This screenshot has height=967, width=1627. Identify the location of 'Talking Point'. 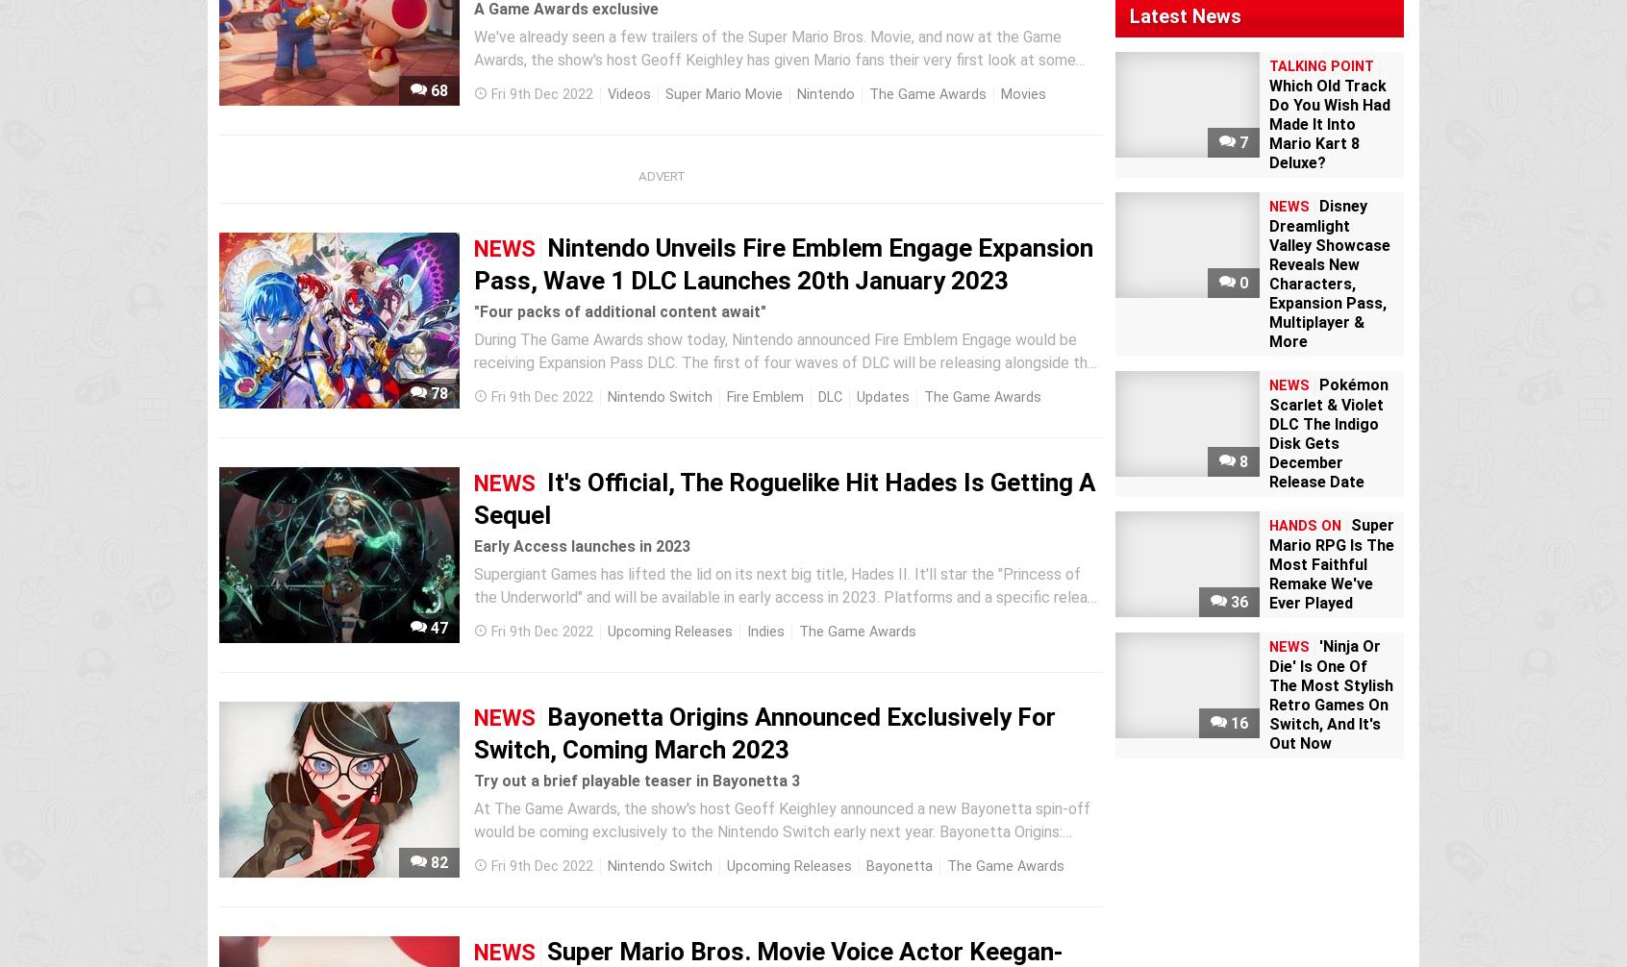
(1321, 66).